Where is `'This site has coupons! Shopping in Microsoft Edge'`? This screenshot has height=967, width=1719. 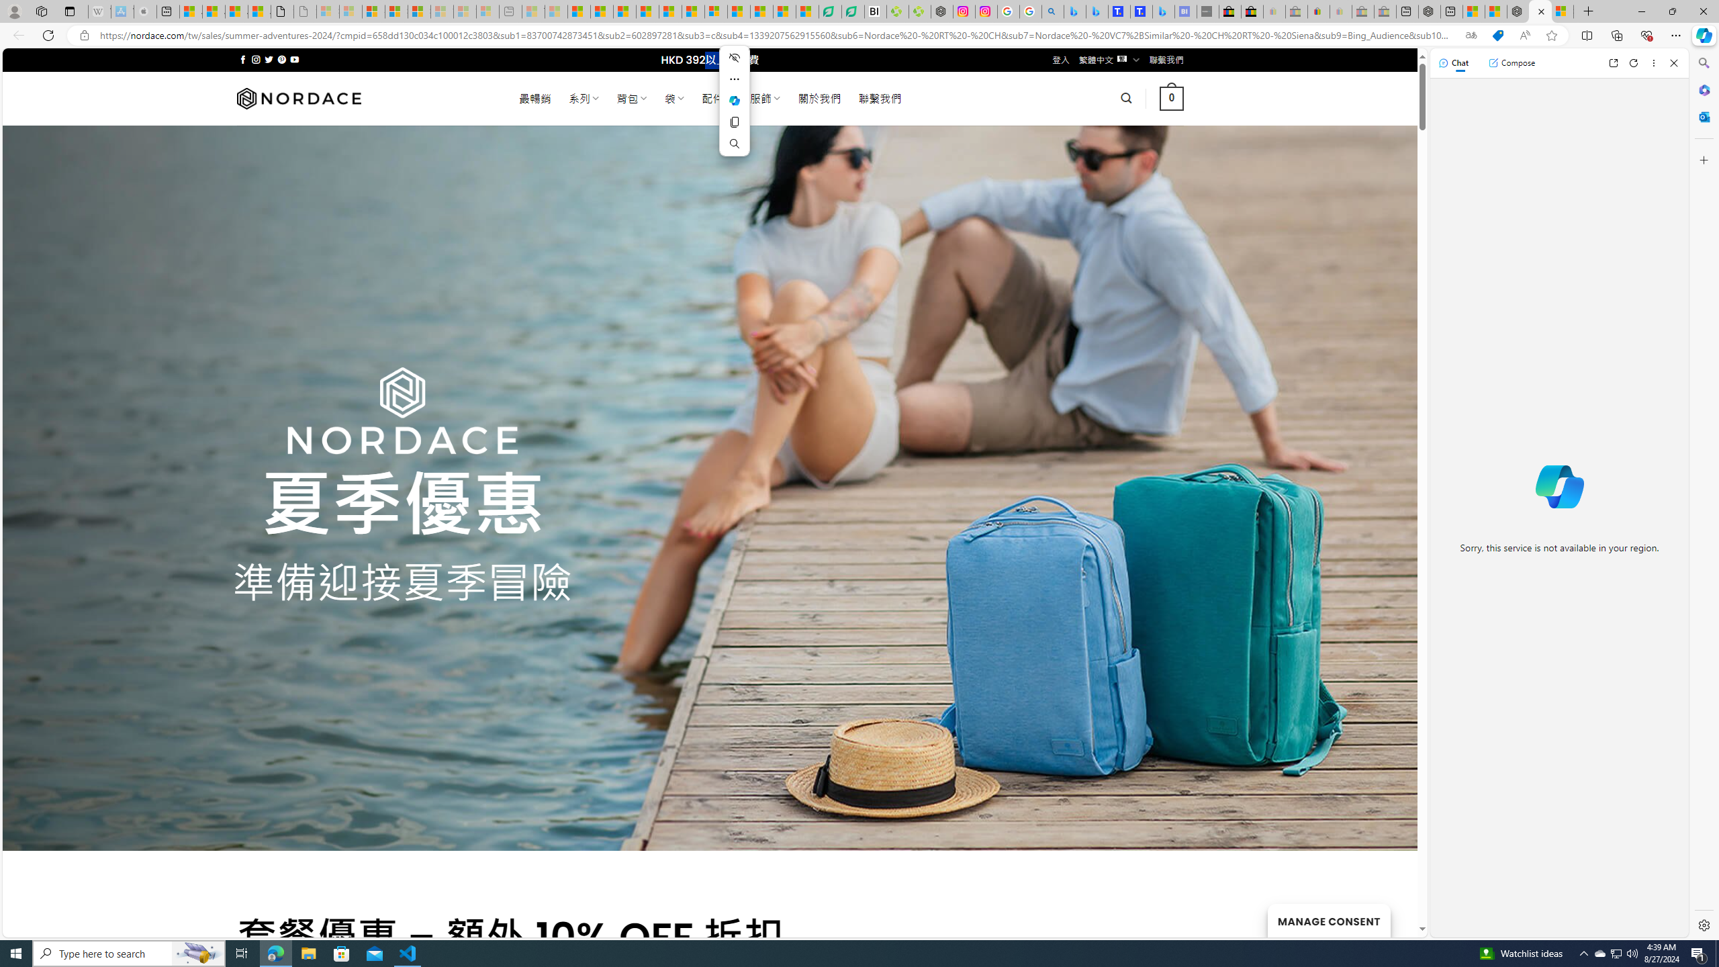
'This site has coupons! Shopping in Microsoft Edge' is located at coordinates (1497, 36).